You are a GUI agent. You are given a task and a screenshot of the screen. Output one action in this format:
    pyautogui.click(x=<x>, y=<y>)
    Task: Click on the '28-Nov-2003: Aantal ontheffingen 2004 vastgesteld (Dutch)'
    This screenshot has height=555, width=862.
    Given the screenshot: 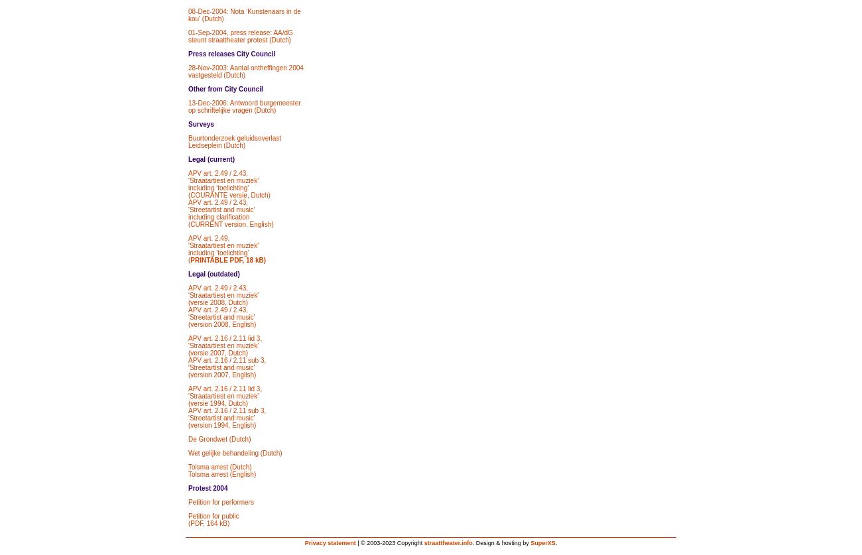 What is the action you would take?
    pyautogui.click(x=188, y=71)
    